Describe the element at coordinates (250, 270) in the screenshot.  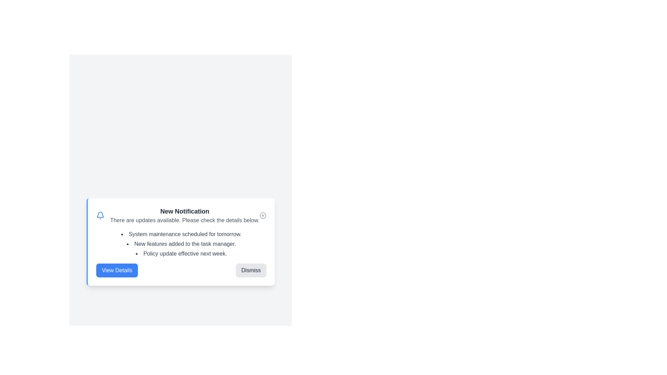
I see `the 'Dismiss' button to remove the notification` at that location.